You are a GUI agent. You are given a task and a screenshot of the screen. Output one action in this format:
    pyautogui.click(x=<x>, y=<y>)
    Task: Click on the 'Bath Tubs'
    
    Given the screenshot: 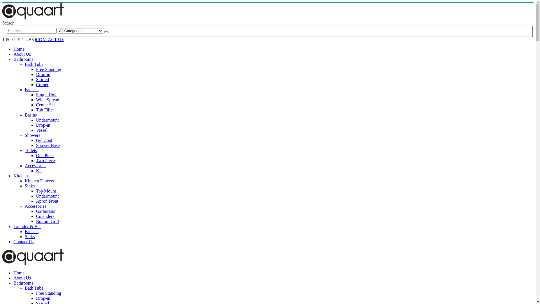 What is the action you would take?
    pyautogui.click(x=24, y=288)
    